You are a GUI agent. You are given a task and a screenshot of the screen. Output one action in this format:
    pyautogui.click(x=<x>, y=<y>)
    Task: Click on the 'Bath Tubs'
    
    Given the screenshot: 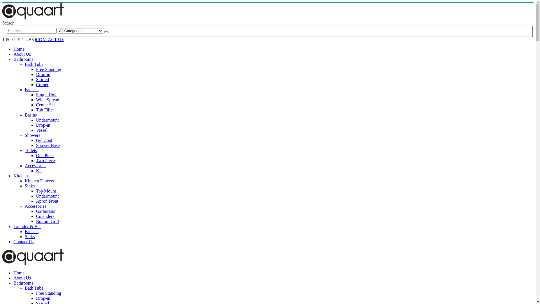 What is the action you would take?
    pyautogui.click(x=24, y=288)
    